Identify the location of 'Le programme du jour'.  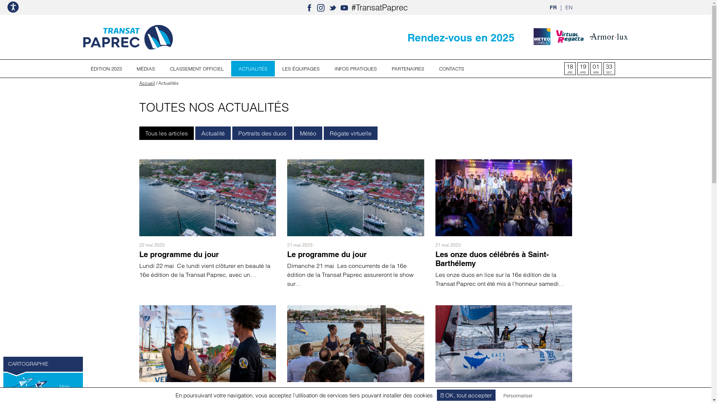
(327, 254).